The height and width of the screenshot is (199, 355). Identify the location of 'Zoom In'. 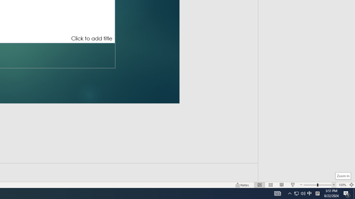
(343, 176).